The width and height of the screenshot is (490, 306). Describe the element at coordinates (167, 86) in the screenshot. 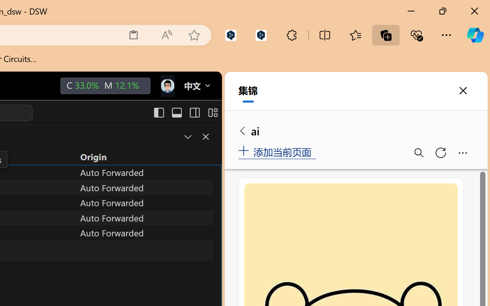

I see `'Class: next-menu next-hoz widgets--iconMenu--BFkiHRM'` at that location.